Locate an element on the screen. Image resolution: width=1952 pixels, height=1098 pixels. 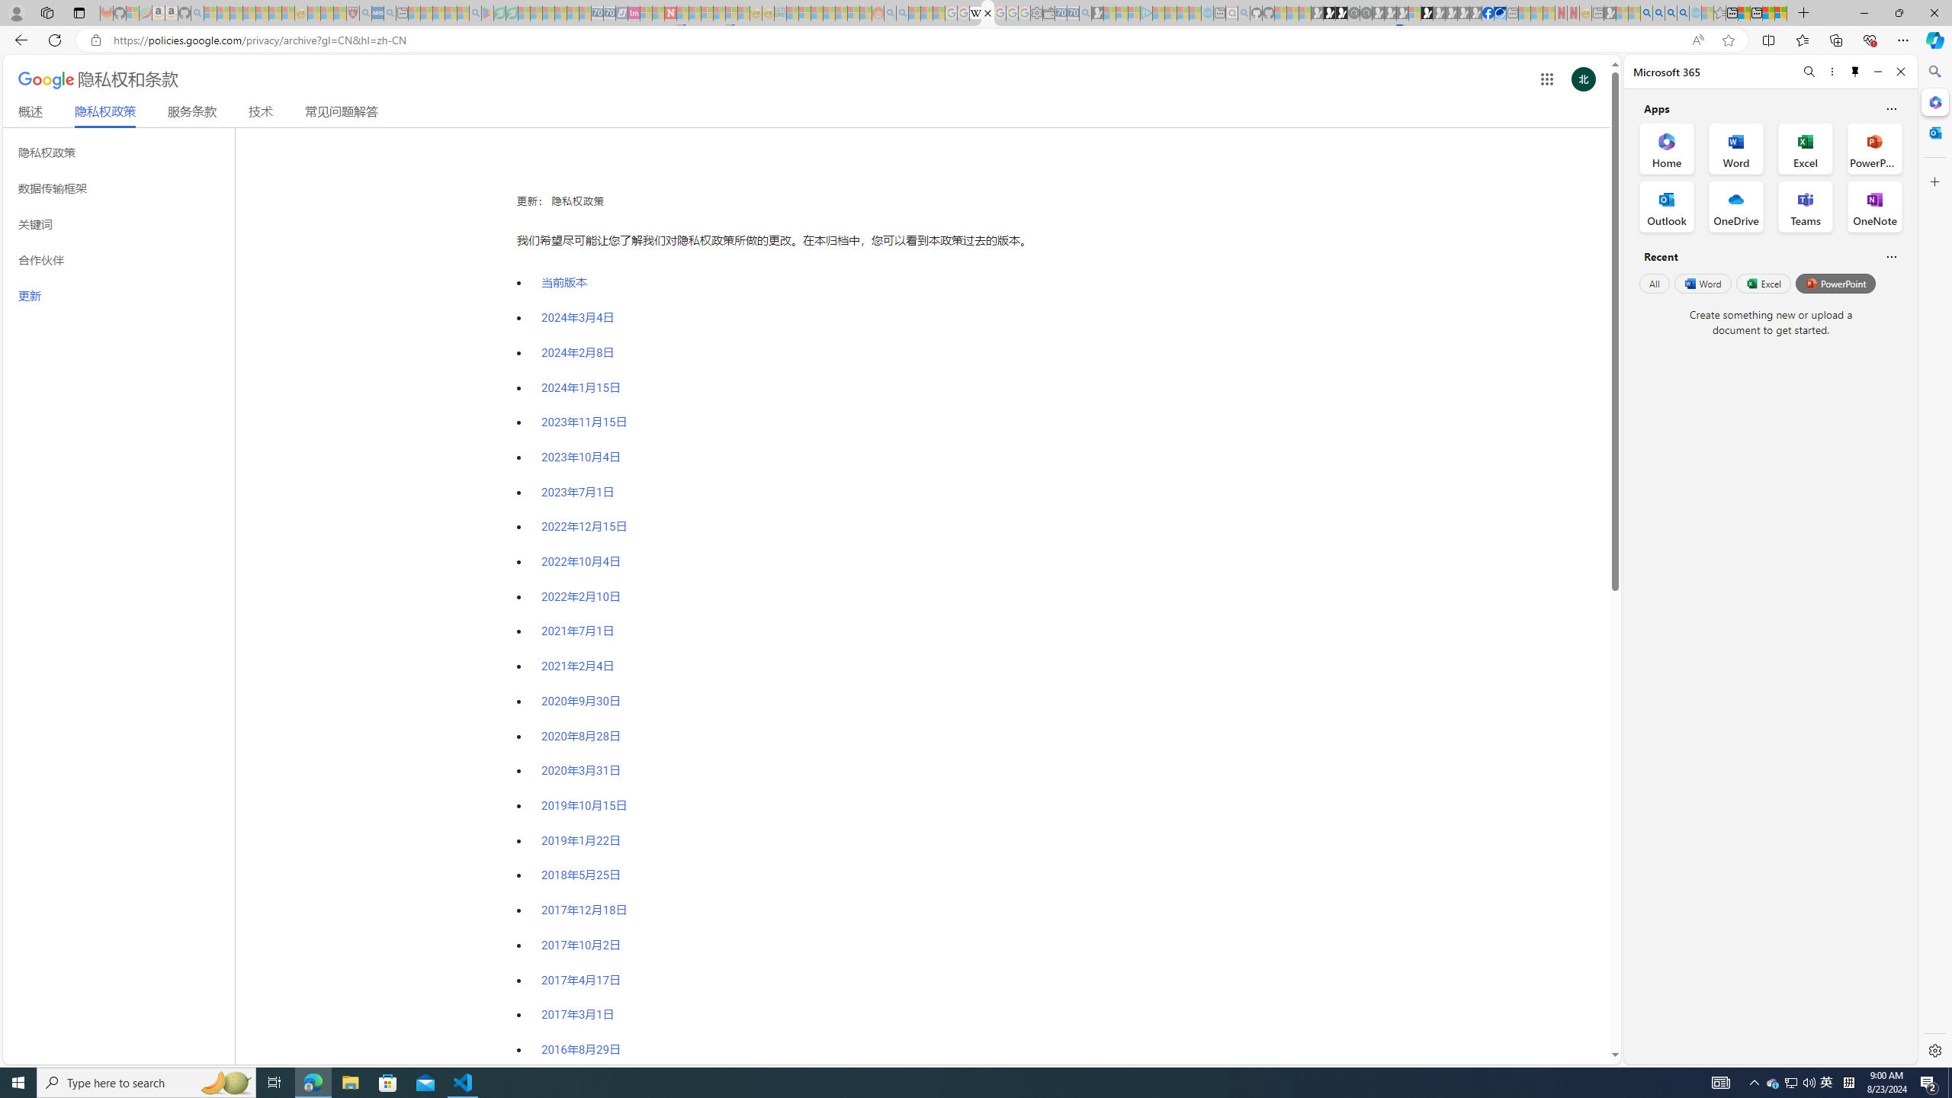
'MSN - Sleeping' is located at coordinates (1608, 12).